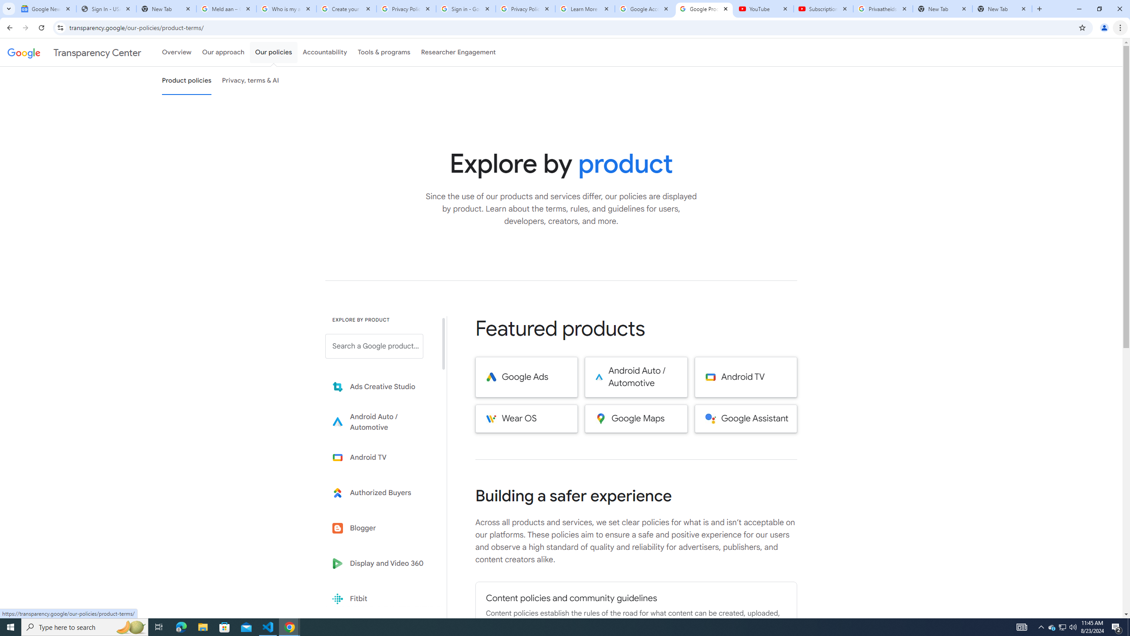 The image size is (1130, 636). I want to click on 'Product policies', so click(186, 80).